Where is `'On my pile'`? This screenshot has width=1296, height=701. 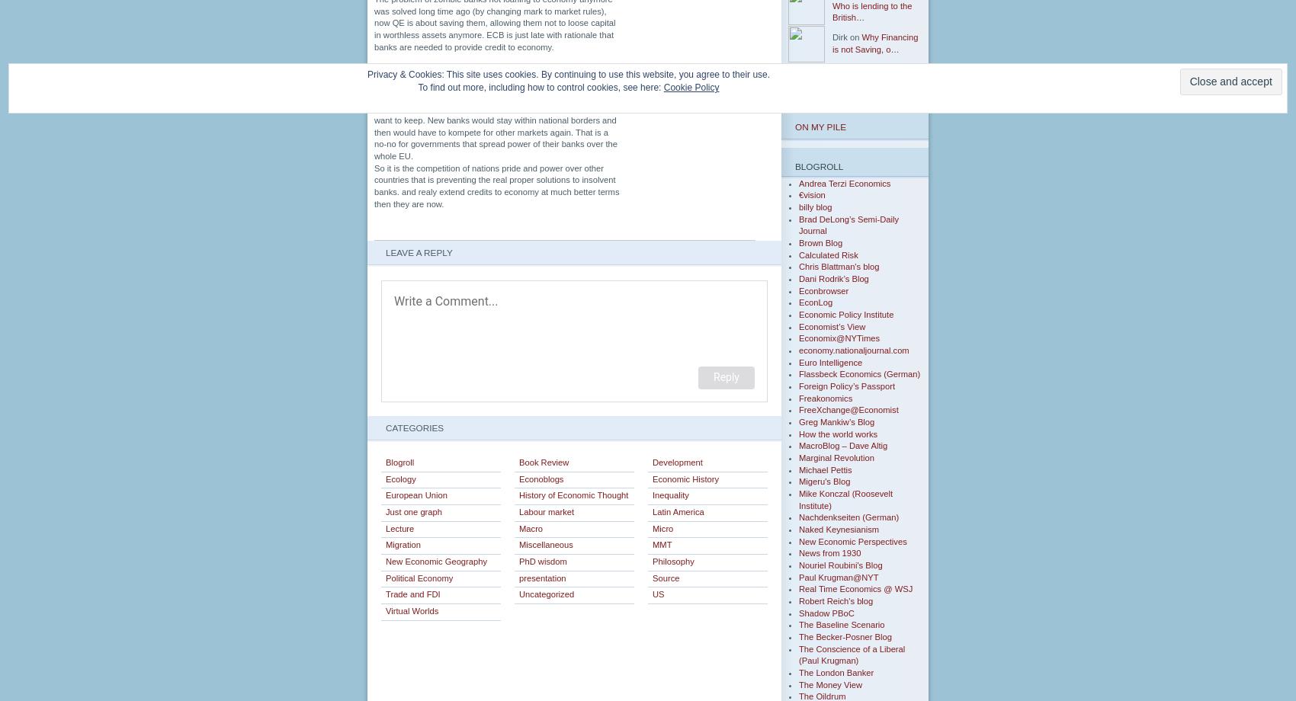 'On my pile' is located at coordinates (820, 126).